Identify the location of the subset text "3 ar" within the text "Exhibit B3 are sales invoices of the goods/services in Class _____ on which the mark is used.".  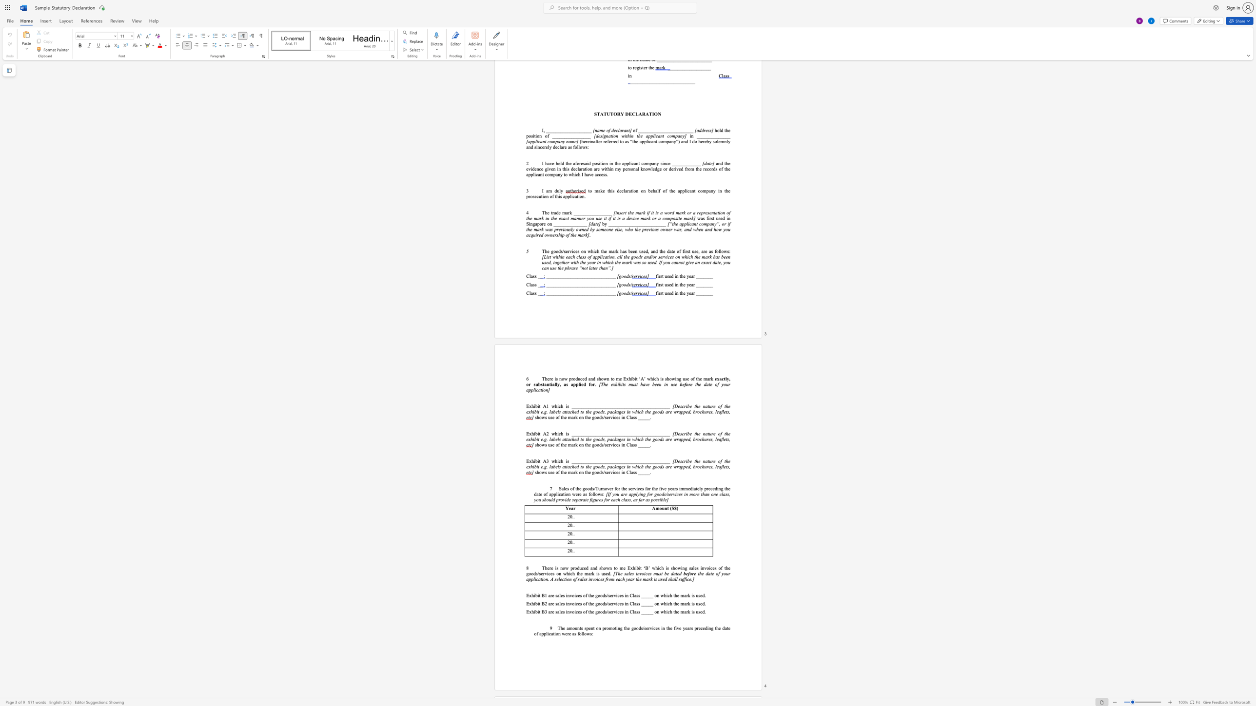
(544, 612).